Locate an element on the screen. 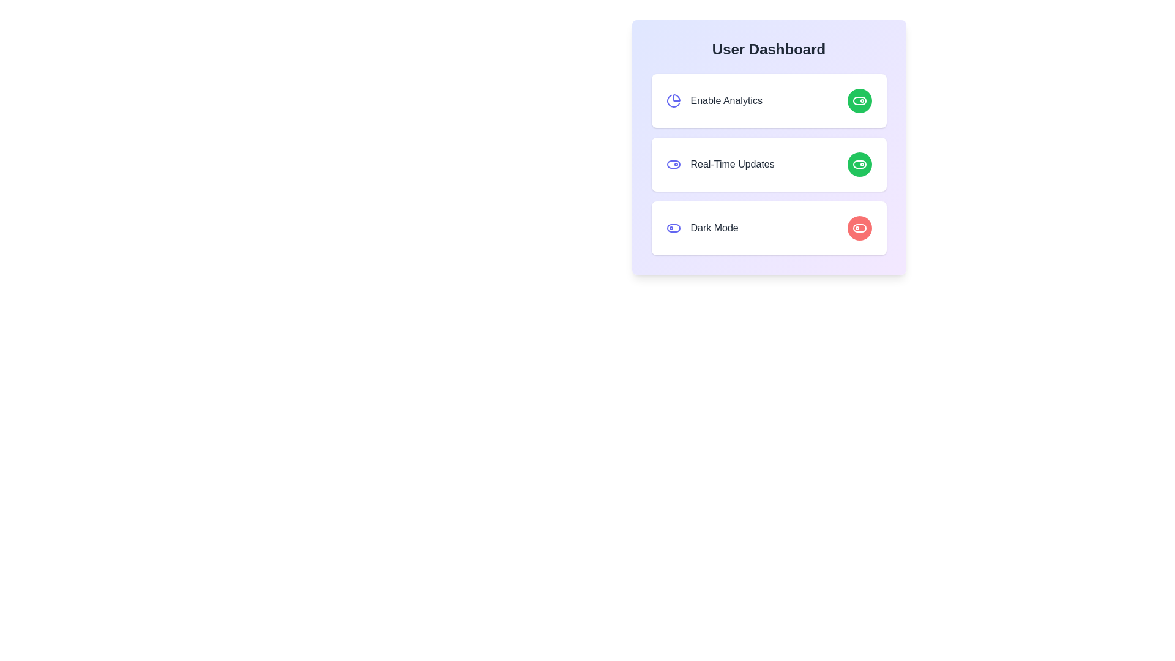 Image resolution: width=1175 pixels, height=661 pixels. the toggle switch for 'Real-Time Updates' is located at coordinates (673, 164).